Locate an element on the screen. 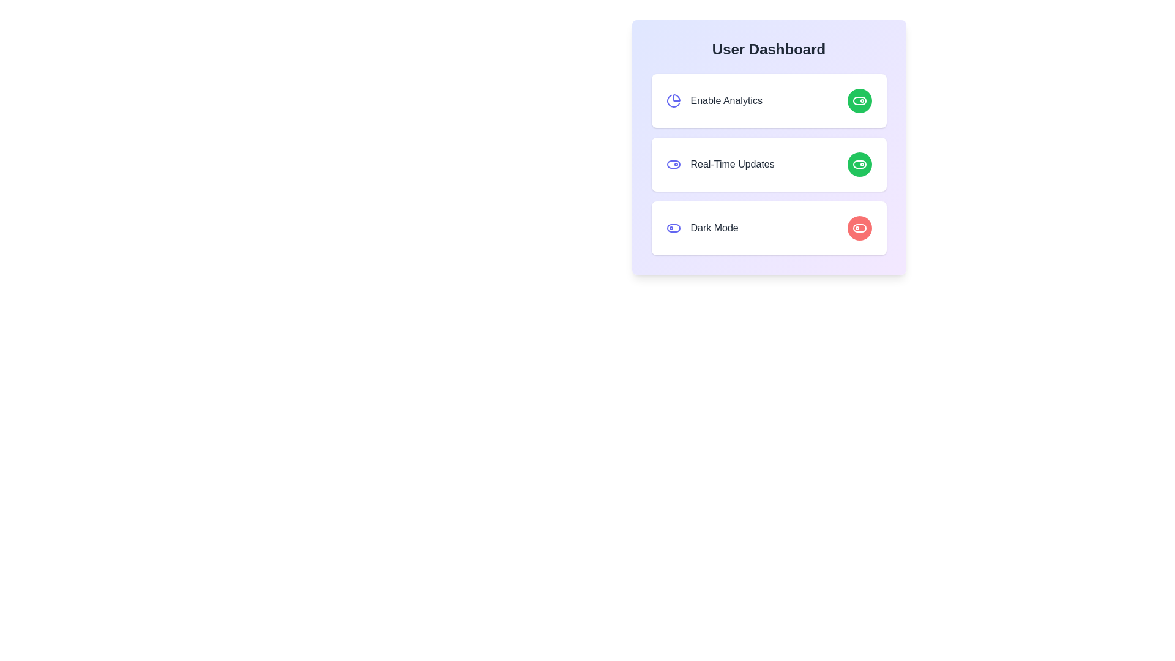 Image resolution: width=1175 pixels, height=661 pixels. the toggle switch for 'Real-Time Updates' is located at coordinates (673, 164).